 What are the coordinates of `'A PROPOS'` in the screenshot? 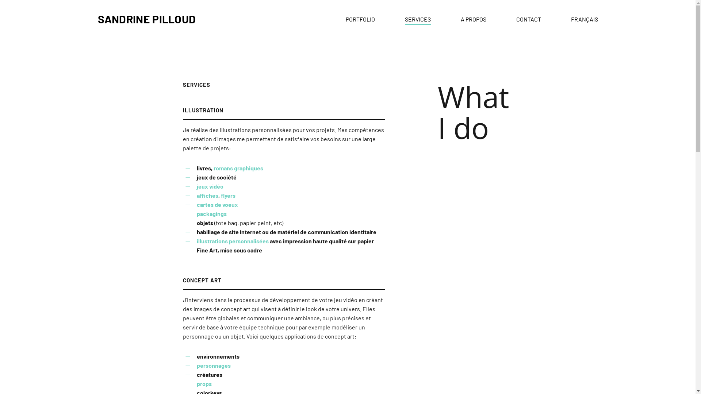 It's located at (473, 18).